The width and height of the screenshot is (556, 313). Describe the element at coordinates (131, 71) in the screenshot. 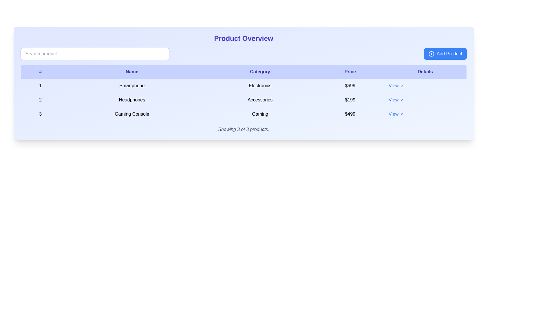

I see `'Name' label which is the second column header in the table, positioned between the '#' and 'Category' columns` at that location.